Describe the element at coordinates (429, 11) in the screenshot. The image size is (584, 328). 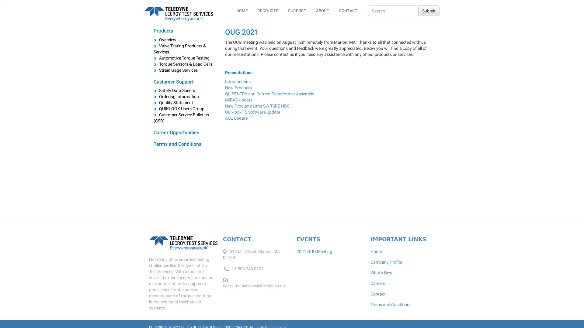
I see `Submit` at that location.